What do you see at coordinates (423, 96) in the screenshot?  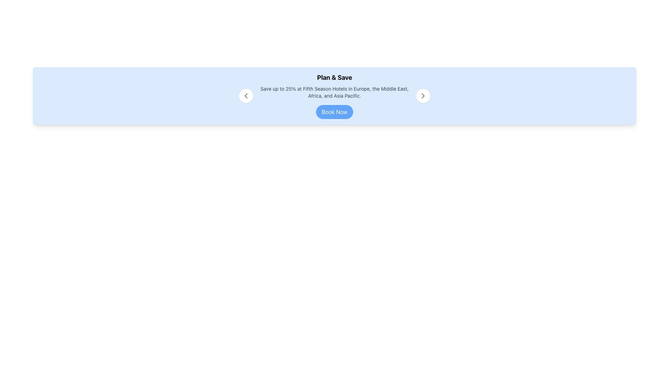 I see `the rightward-pointing chevron icon with rounded edges and a dark gray outline on a white circular background` at bounding box center [423, 96].